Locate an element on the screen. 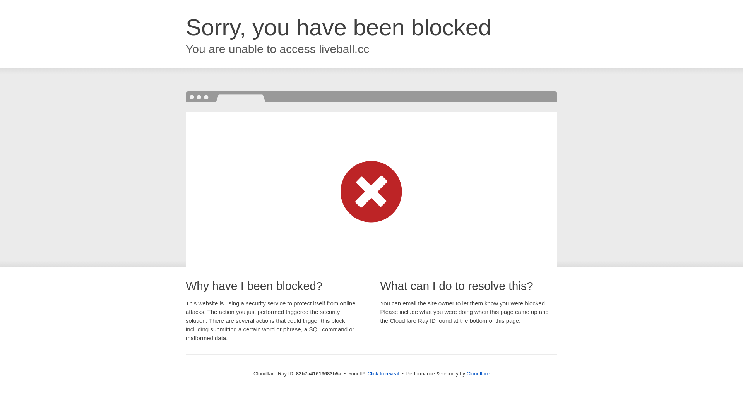 Image resolution: width=743 pixels, height=418 pixels. 'Cloudflare' is located at coordinates (478, 373).